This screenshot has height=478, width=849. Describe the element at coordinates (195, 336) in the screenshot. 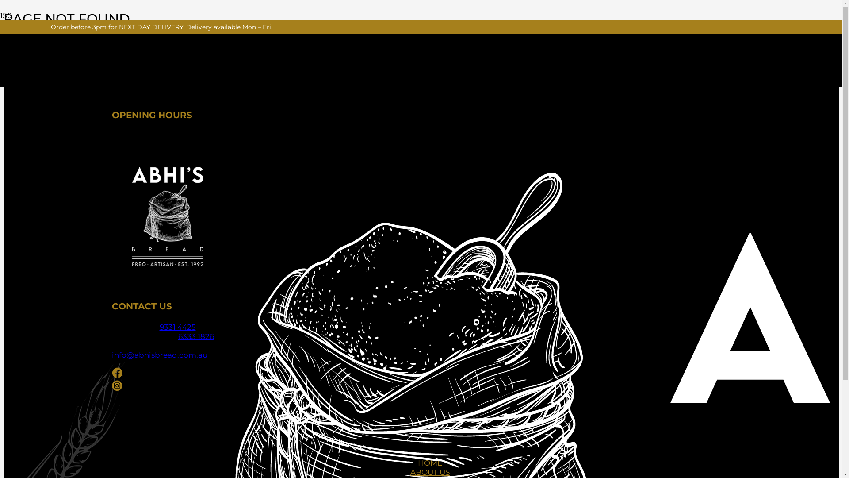

I see `'6333 1826'` at that location.